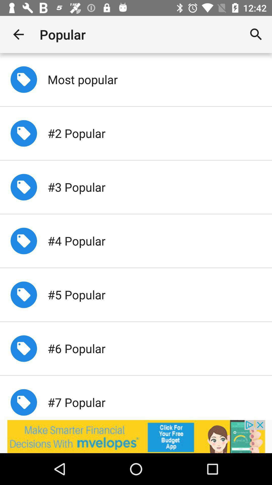 The height and width of the screenshot is (485, 272). What do you see at coordinates (136, 436) in the screenshot?
I see `advertisement link` at bounding box center [136, 436].